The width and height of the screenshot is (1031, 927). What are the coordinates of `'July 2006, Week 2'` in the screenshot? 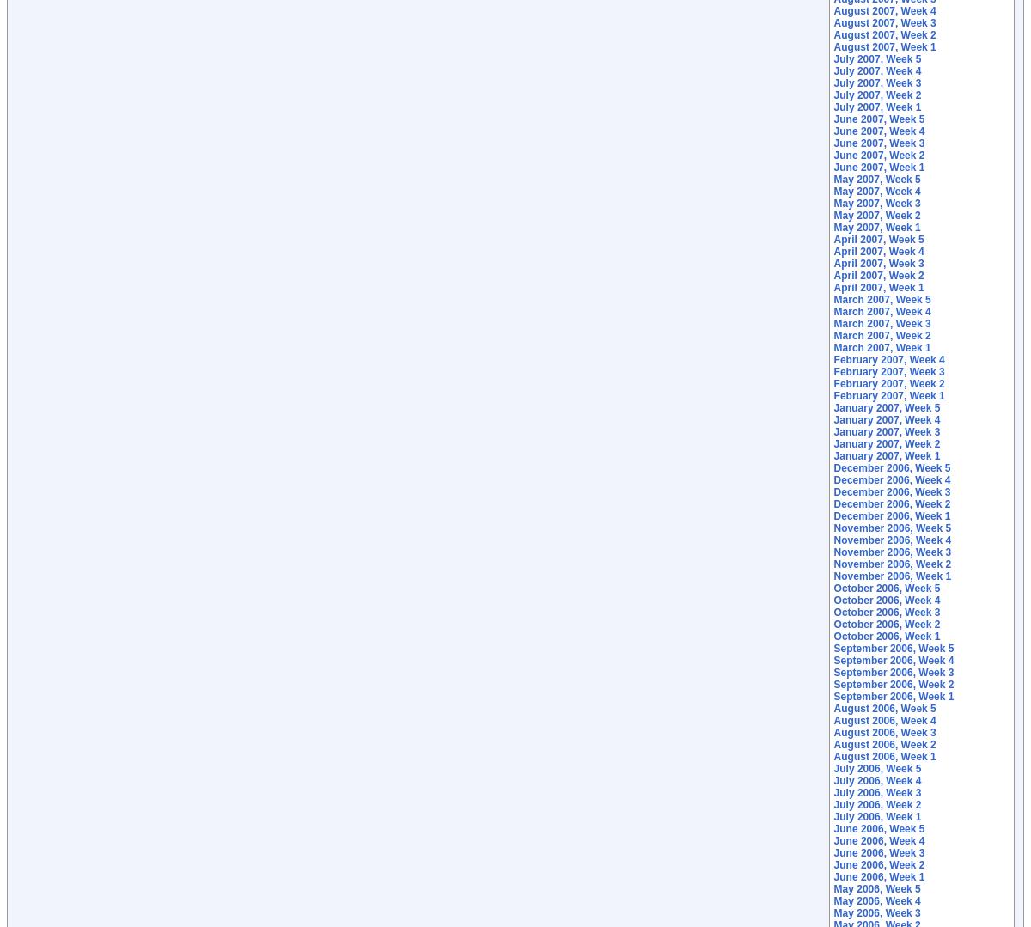 It's located at (876, 805).